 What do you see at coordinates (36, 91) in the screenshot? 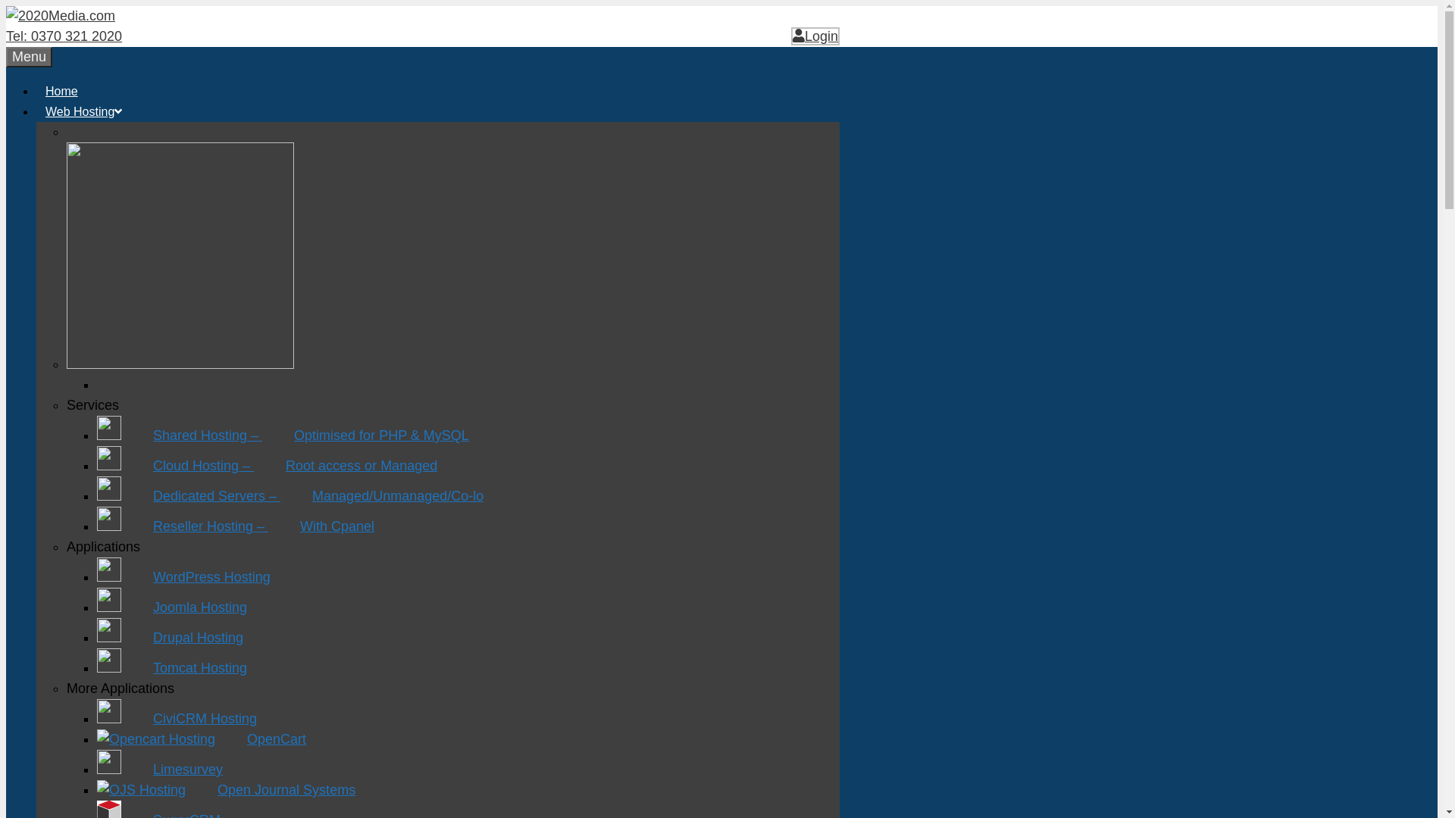
I see `'Home'` at bounding box center [36, 91].